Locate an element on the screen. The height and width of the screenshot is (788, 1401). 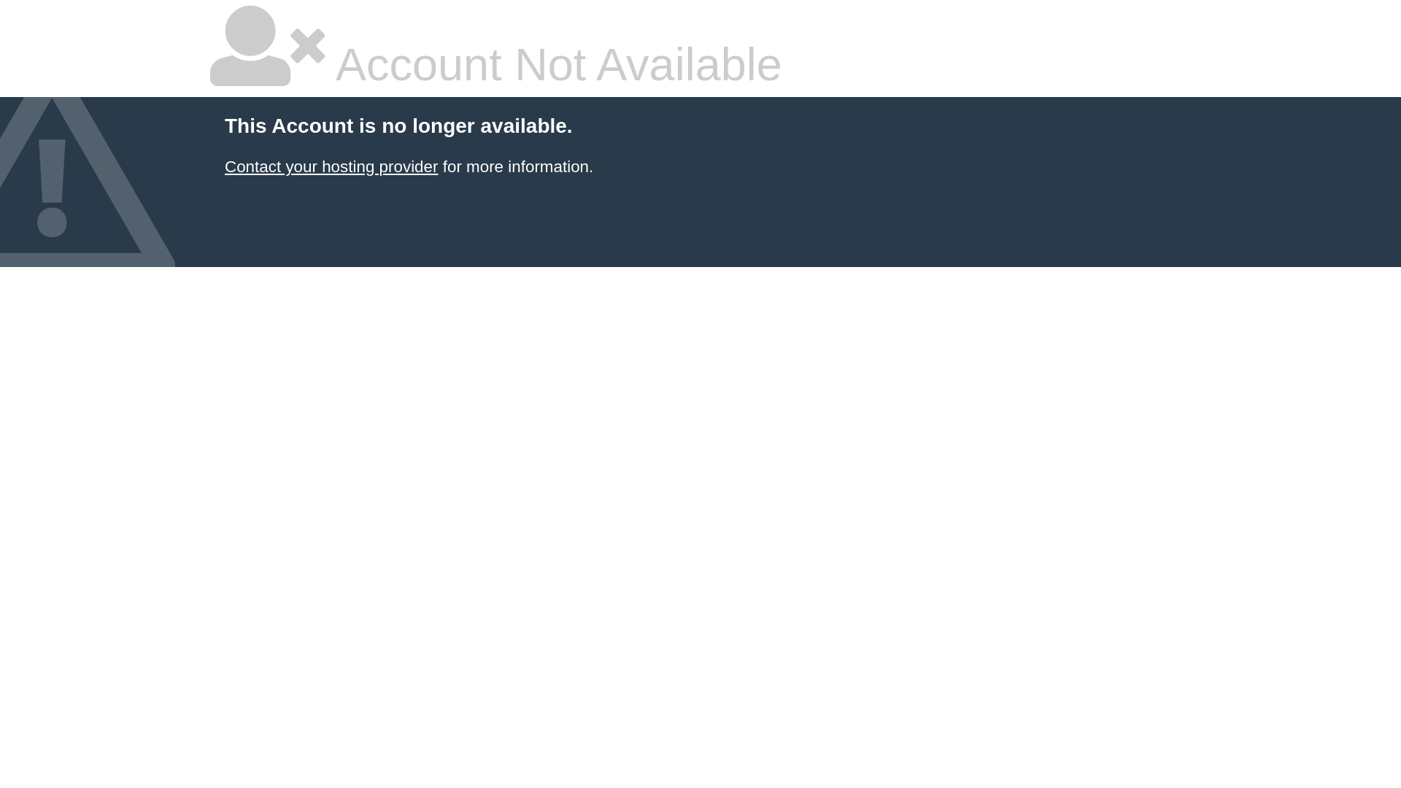
'Contact your hosting provider' is located at coordinates (331, 166).